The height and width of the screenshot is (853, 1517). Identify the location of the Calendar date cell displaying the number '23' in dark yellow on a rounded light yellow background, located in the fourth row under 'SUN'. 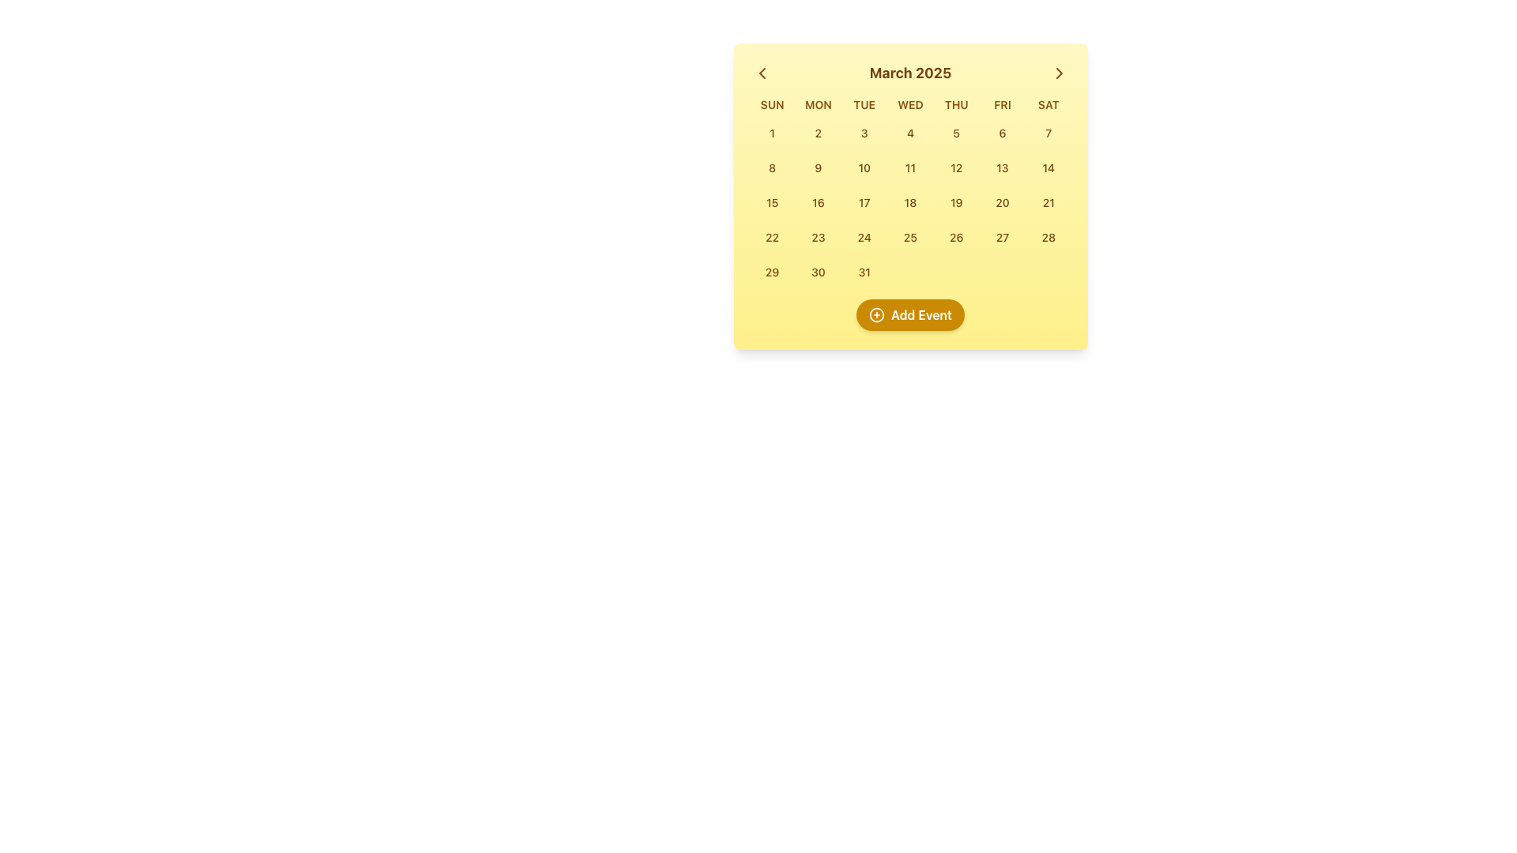
(818, 237).